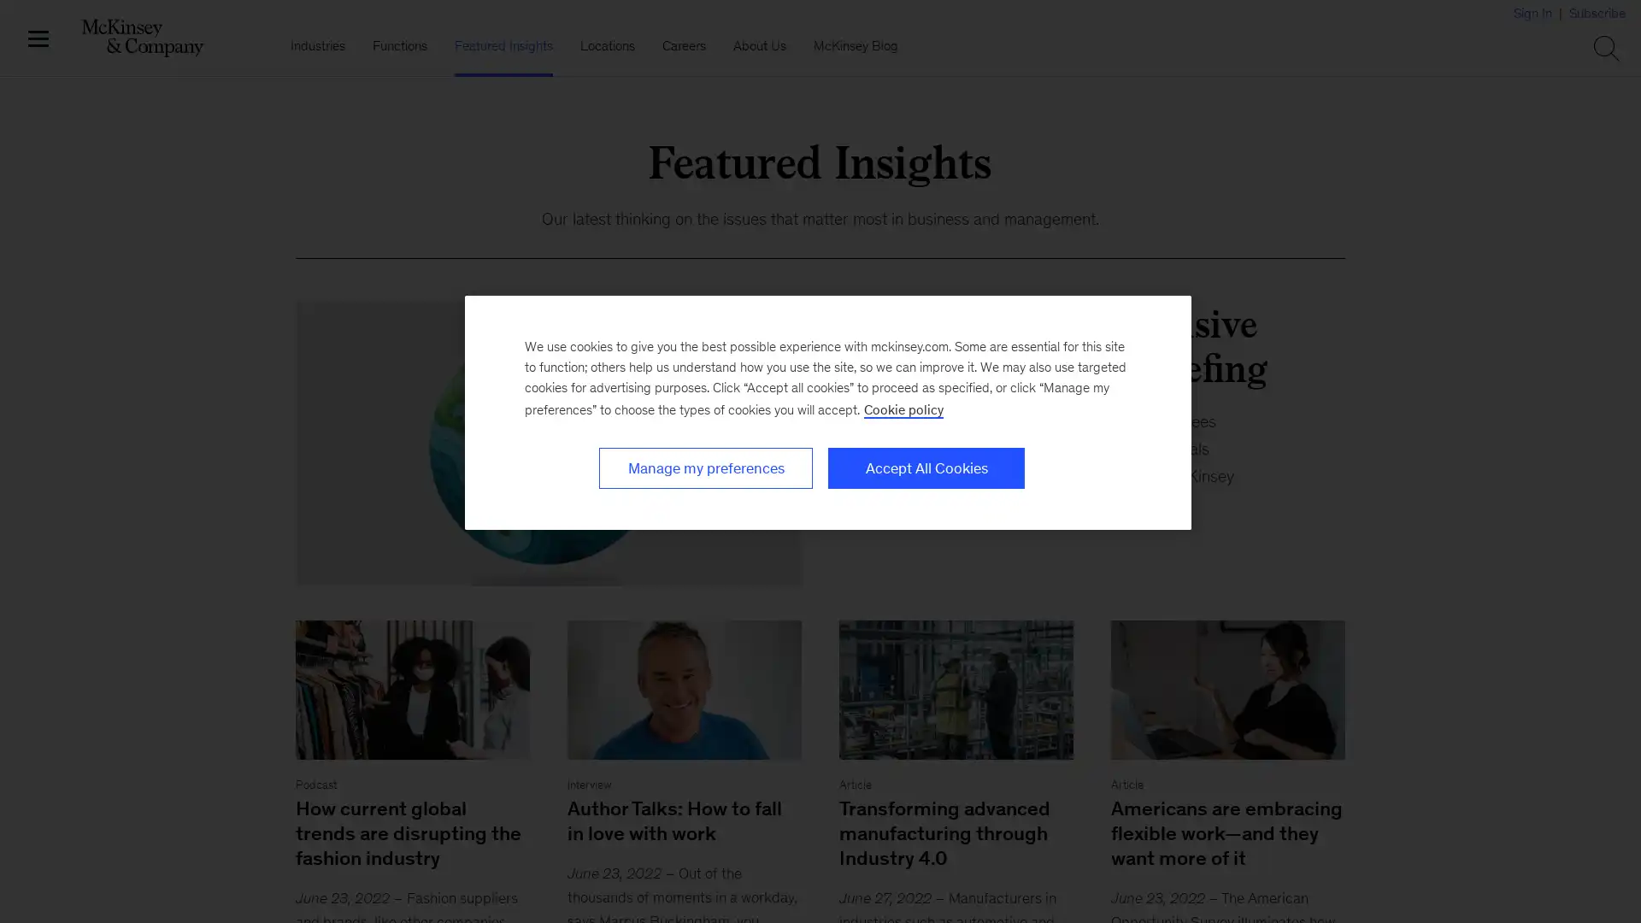  Describe the element at coordinates (705, 467) in the screenshot. I see `Manage my preferences` at that location.